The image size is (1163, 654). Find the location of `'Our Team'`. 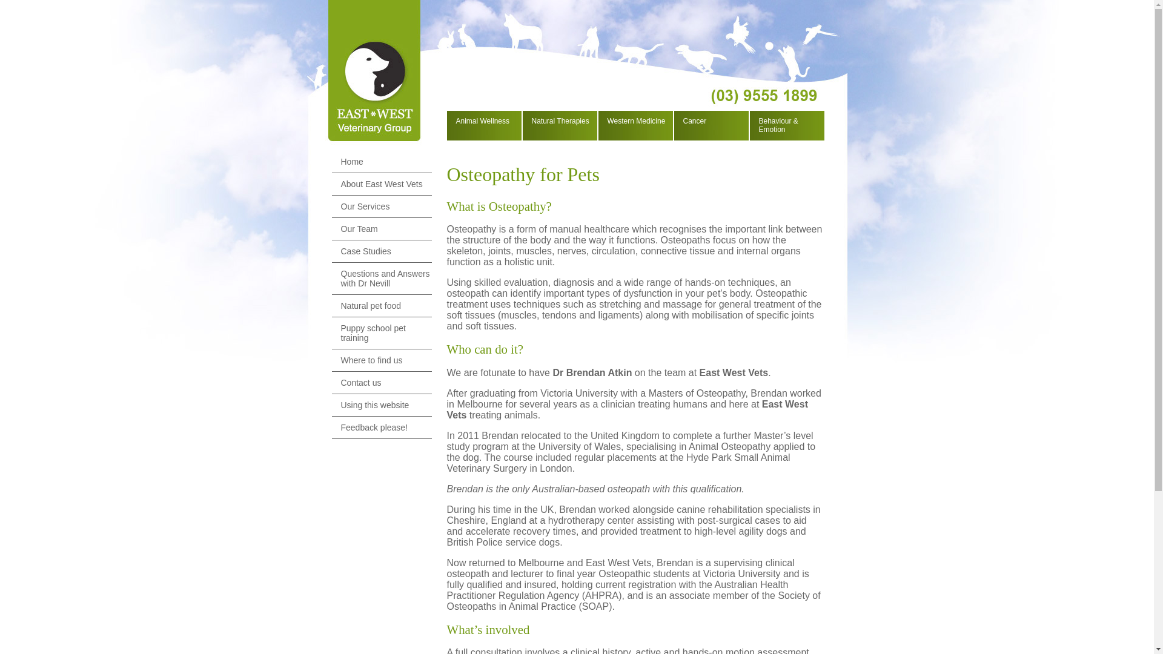

'Our Team' is located at coordinates (381, 229).